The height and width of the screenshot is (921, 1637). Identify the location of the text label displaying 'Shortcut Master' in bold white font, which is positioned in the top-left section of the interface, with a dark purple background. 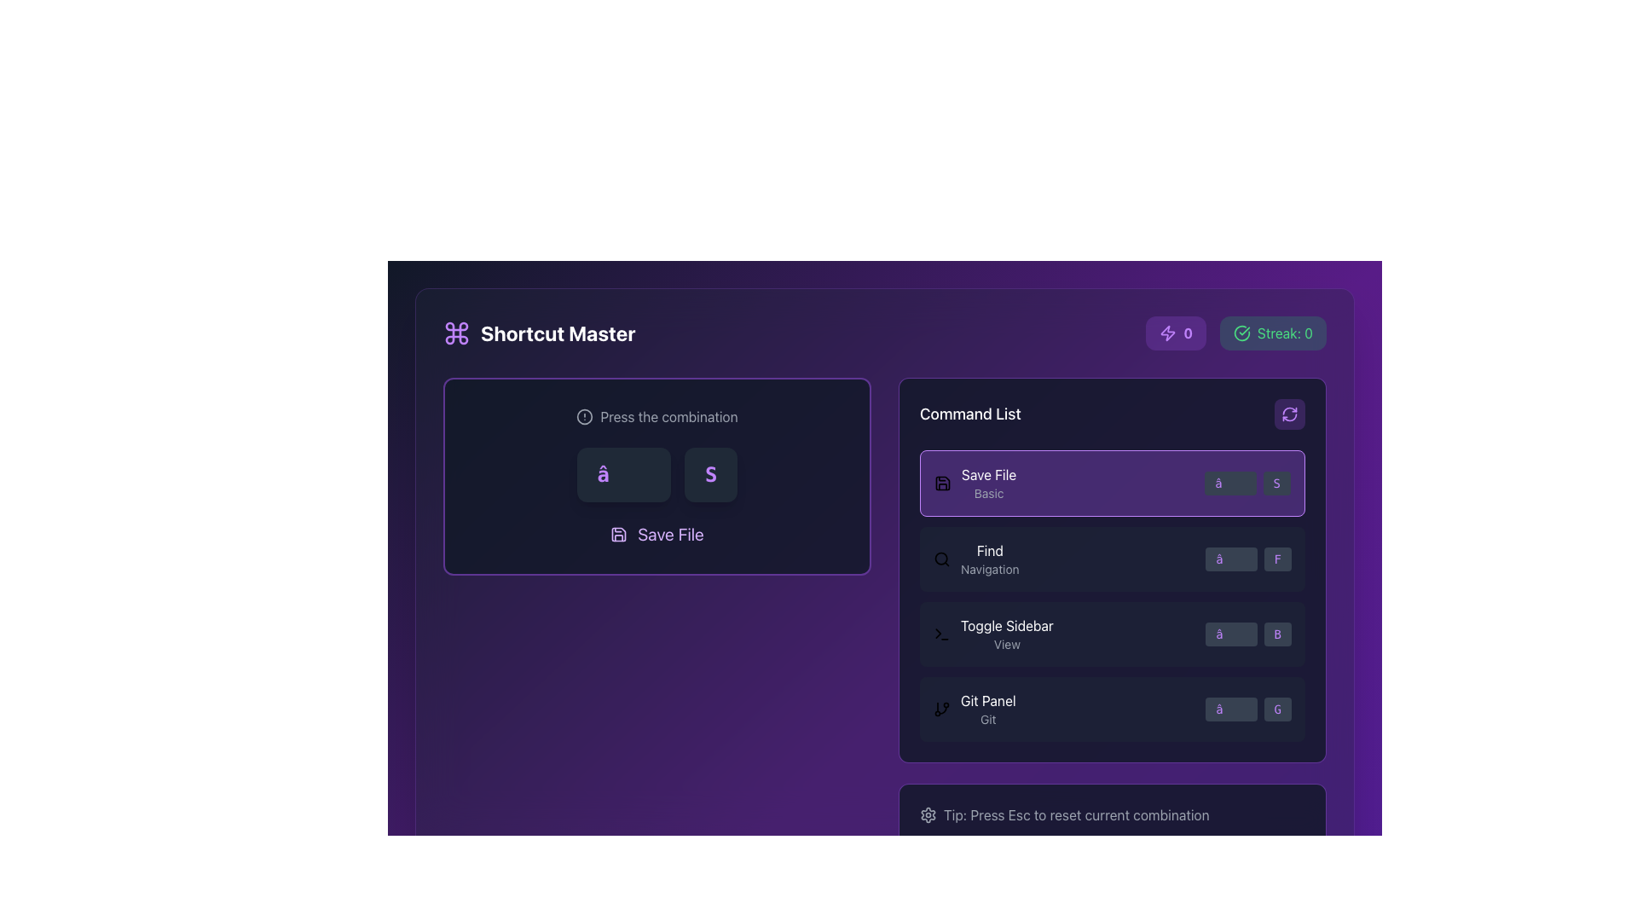
(558, 333).